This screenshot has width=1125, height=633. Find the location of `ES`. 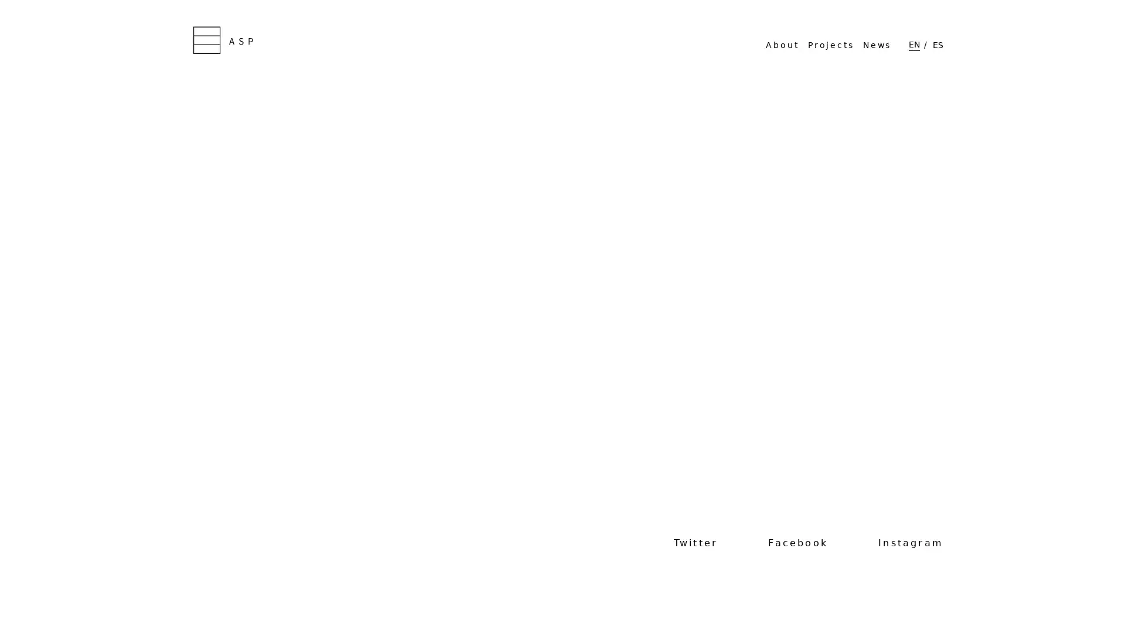

ES is located at coordinates (938, 44).